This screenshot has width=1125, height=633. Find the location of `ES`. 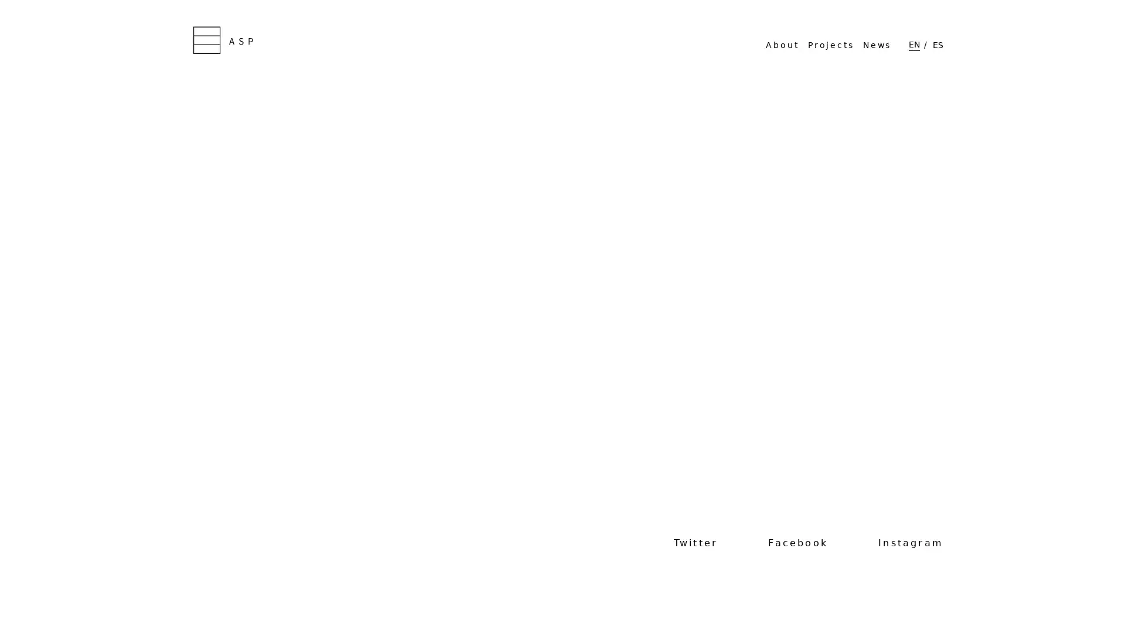

ES is located at coordinates (938, 44).